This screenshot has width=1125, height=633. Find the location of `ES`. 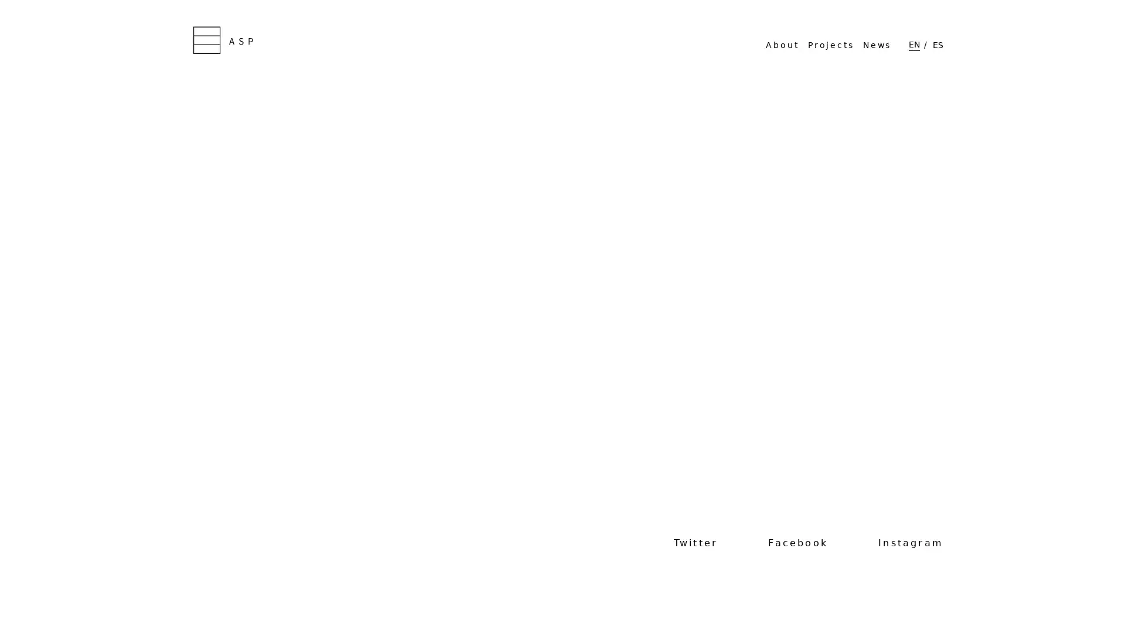

ES is located at coordinates (938, 44).